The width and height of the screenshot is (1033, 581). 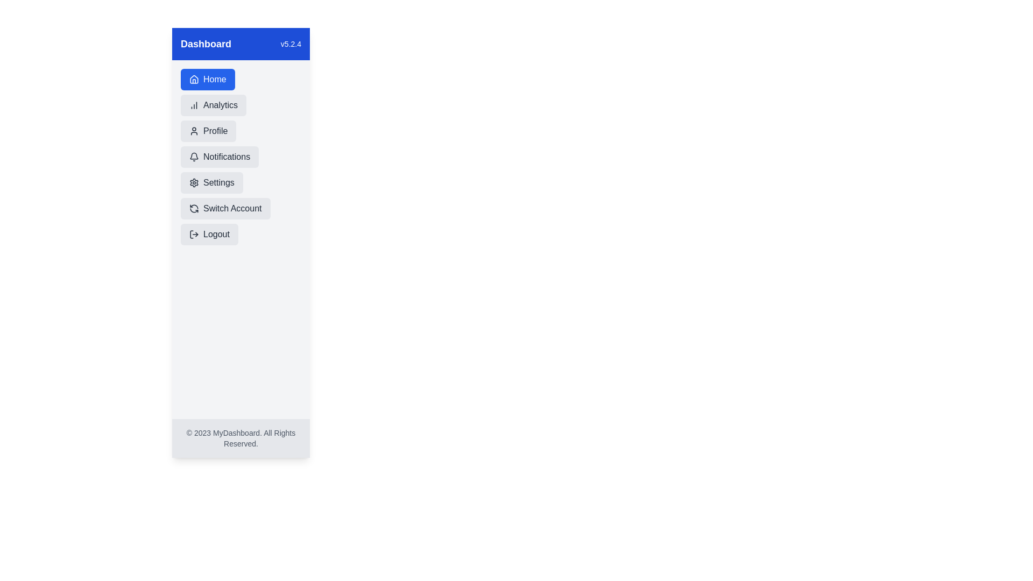 I want to click on the small black vector icon representing an increasing bar chart, located to the left of the word 'Analytics' in the second button of the vertical navigation menu, so click(x=194, y=105).